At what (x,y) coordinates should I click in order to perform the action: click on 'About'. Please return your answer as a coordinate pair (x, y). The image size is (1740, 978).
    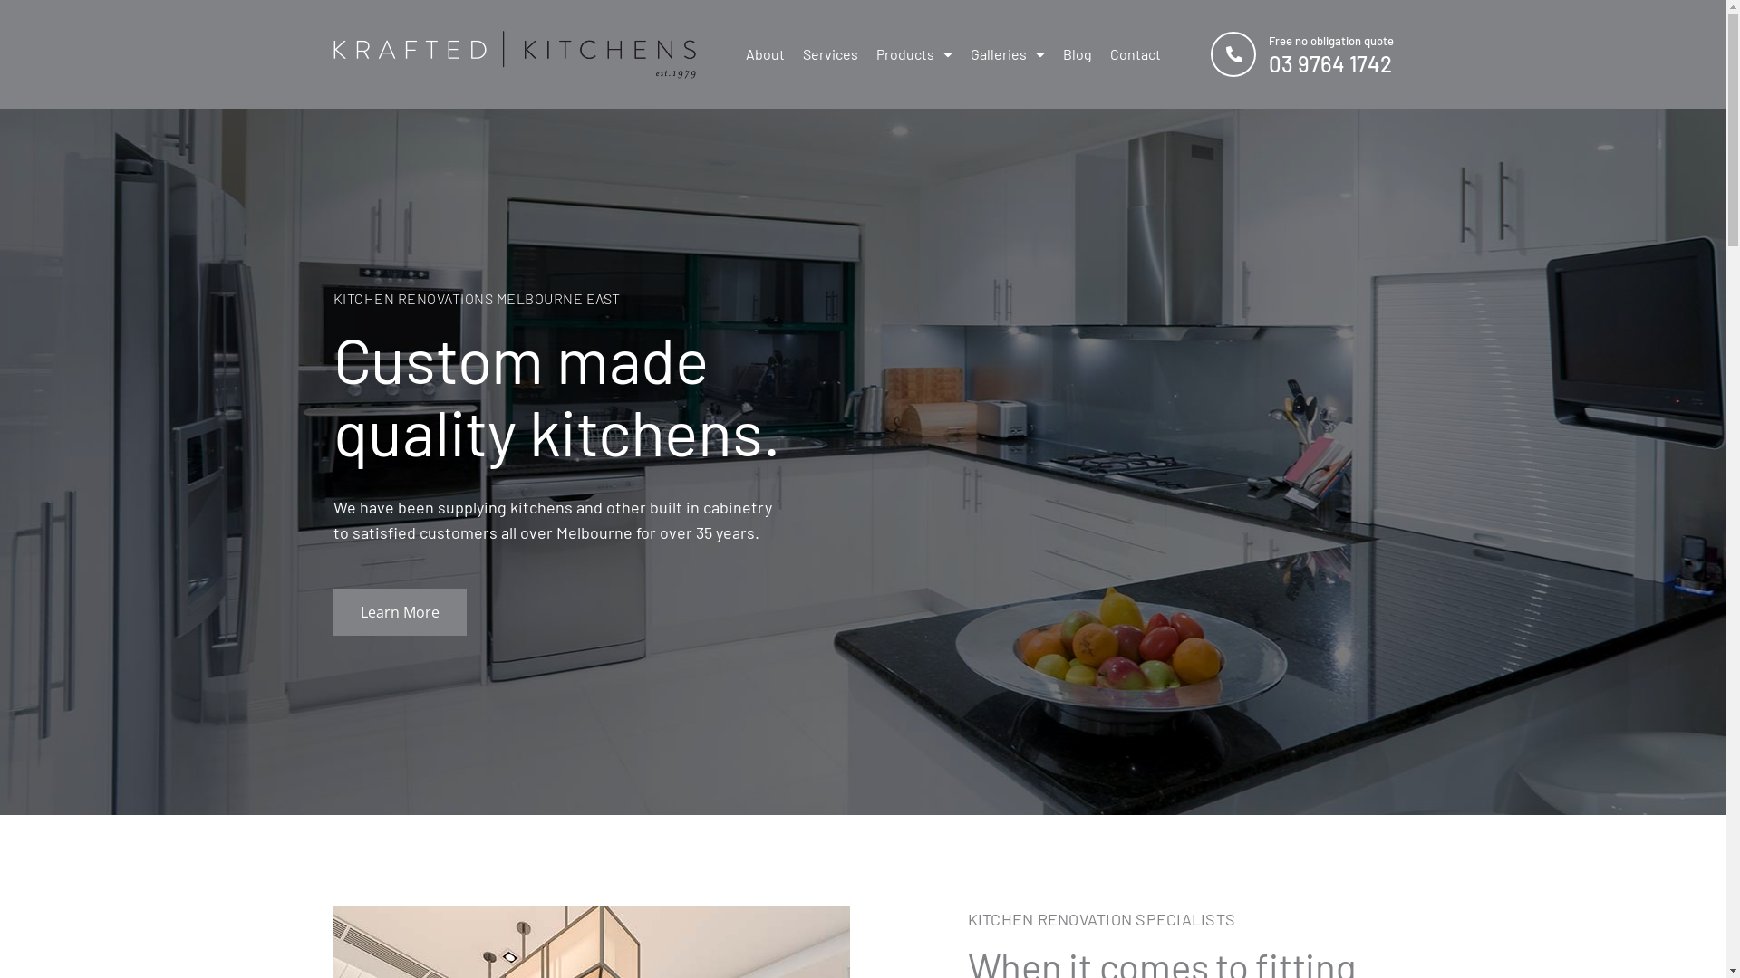
    Looking at the image, I should click on (764, 53).